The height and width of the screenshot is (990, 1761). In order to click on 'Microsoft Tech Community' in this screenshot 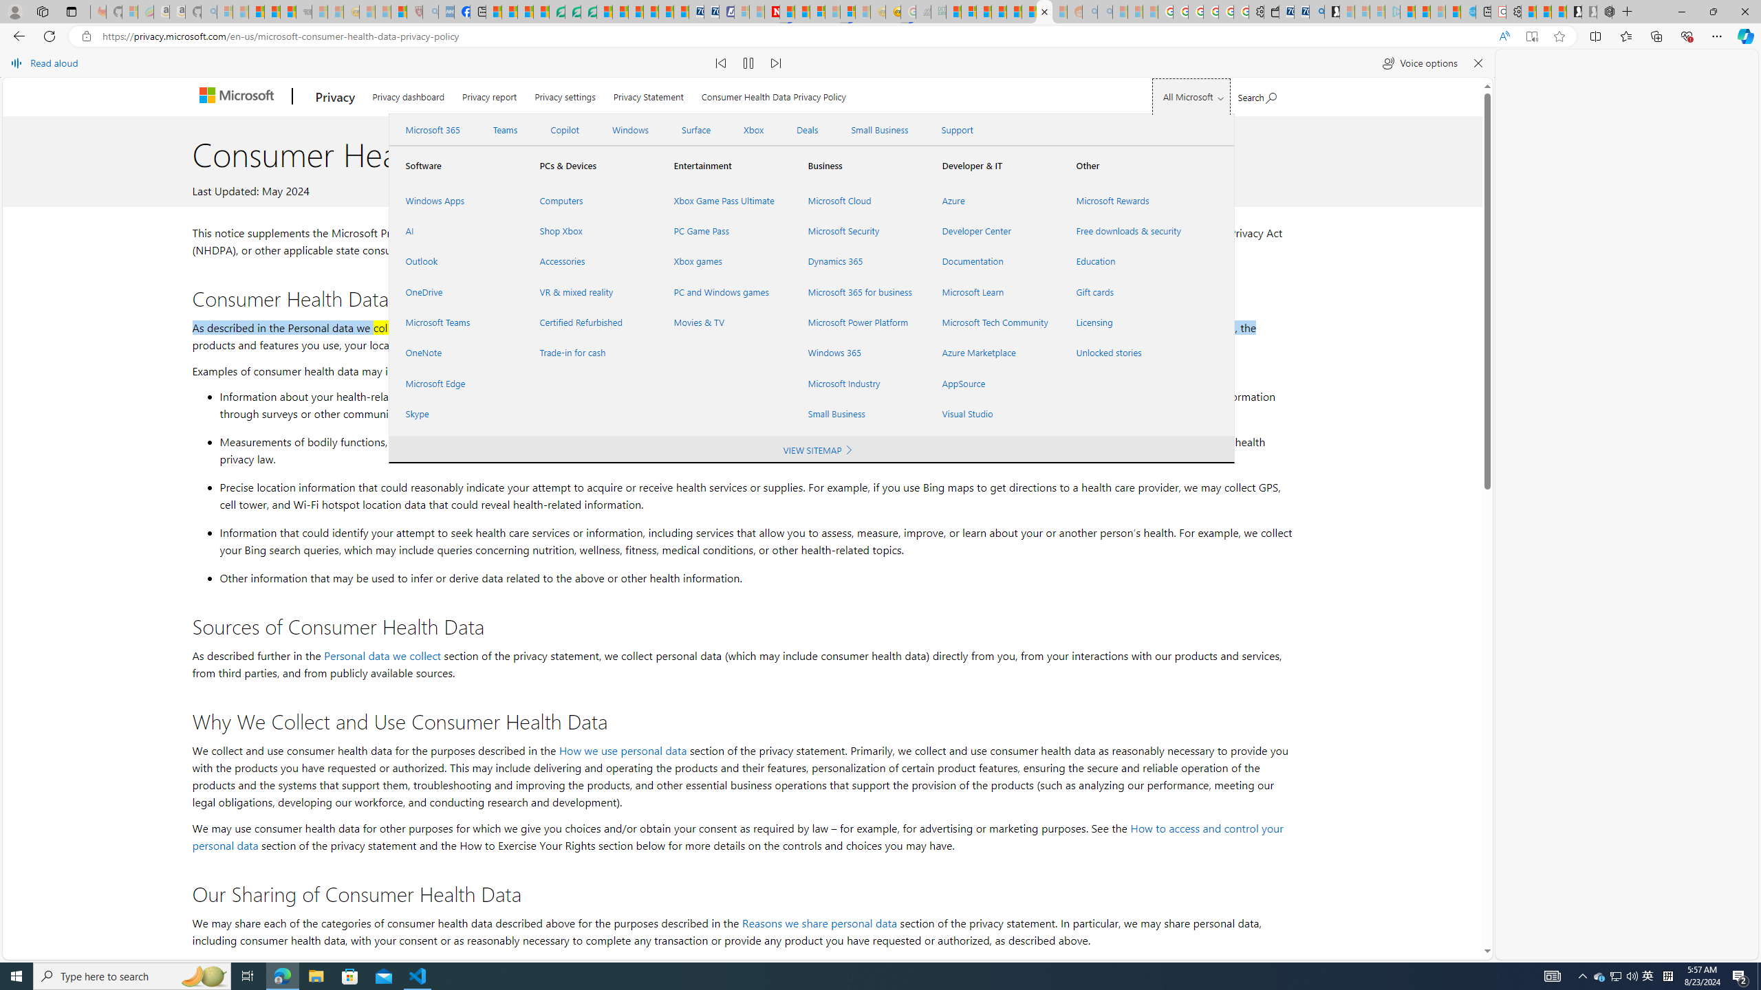, I will do `click(992, 322)`.